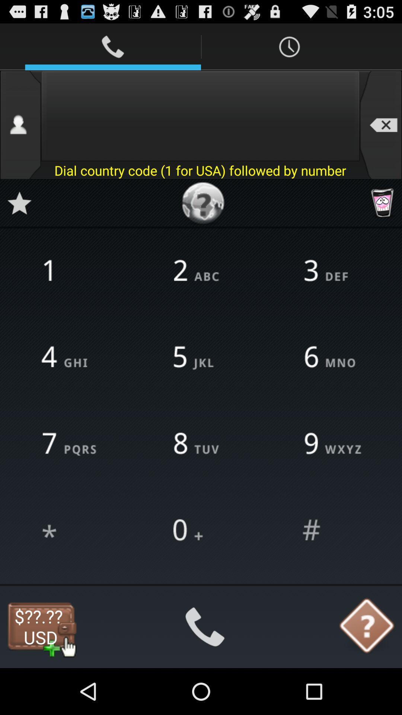 The height and width of the screenshot is (715, 402). What do you see at coordinates (19, 217) in the screenshot?
I see `the star icon` at bounding box center [19, 217].